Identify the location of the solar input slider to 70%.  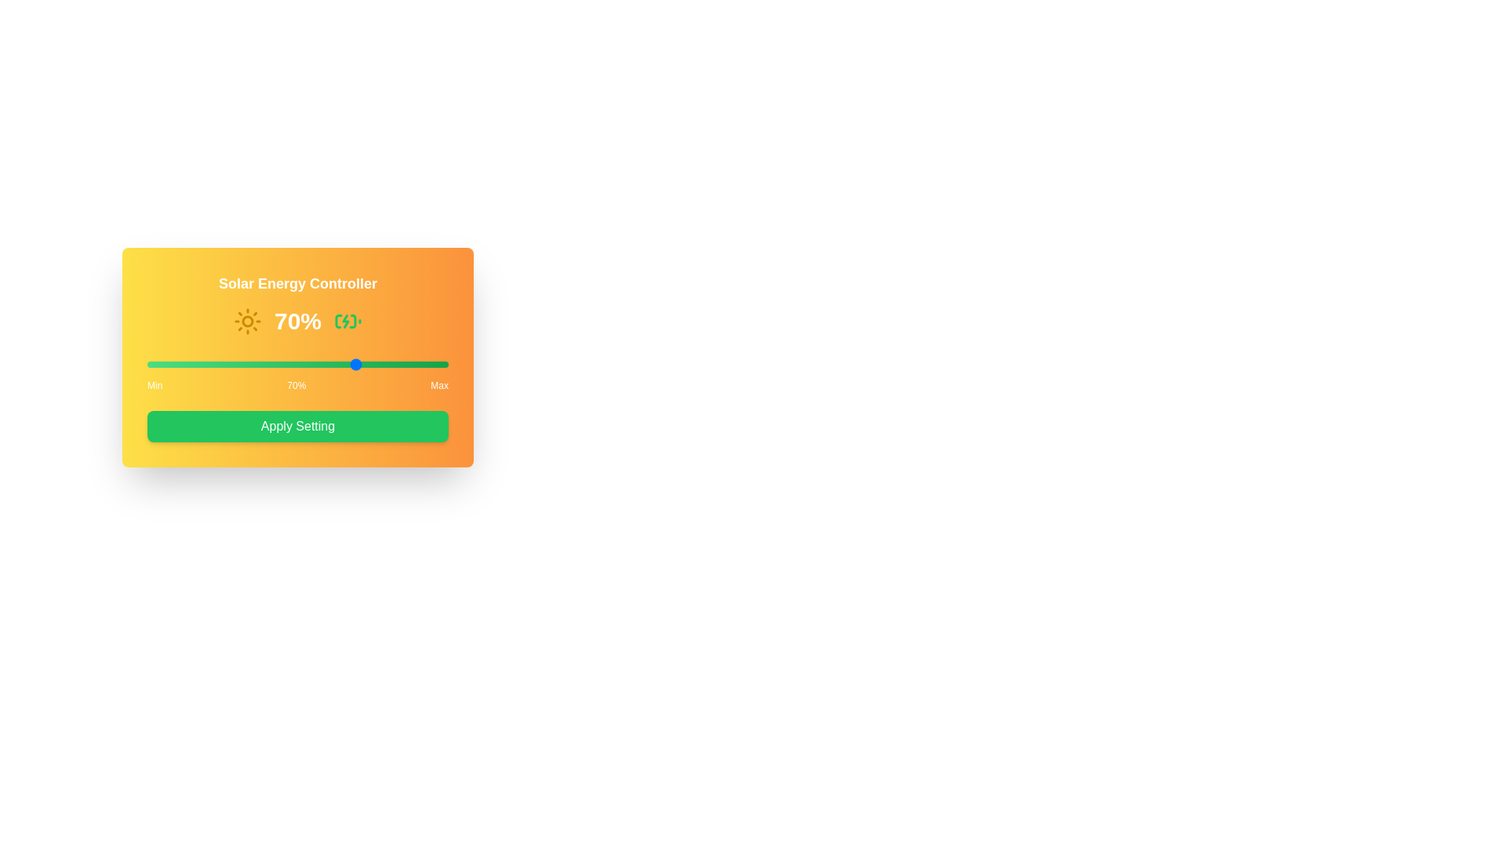
(357, 365).